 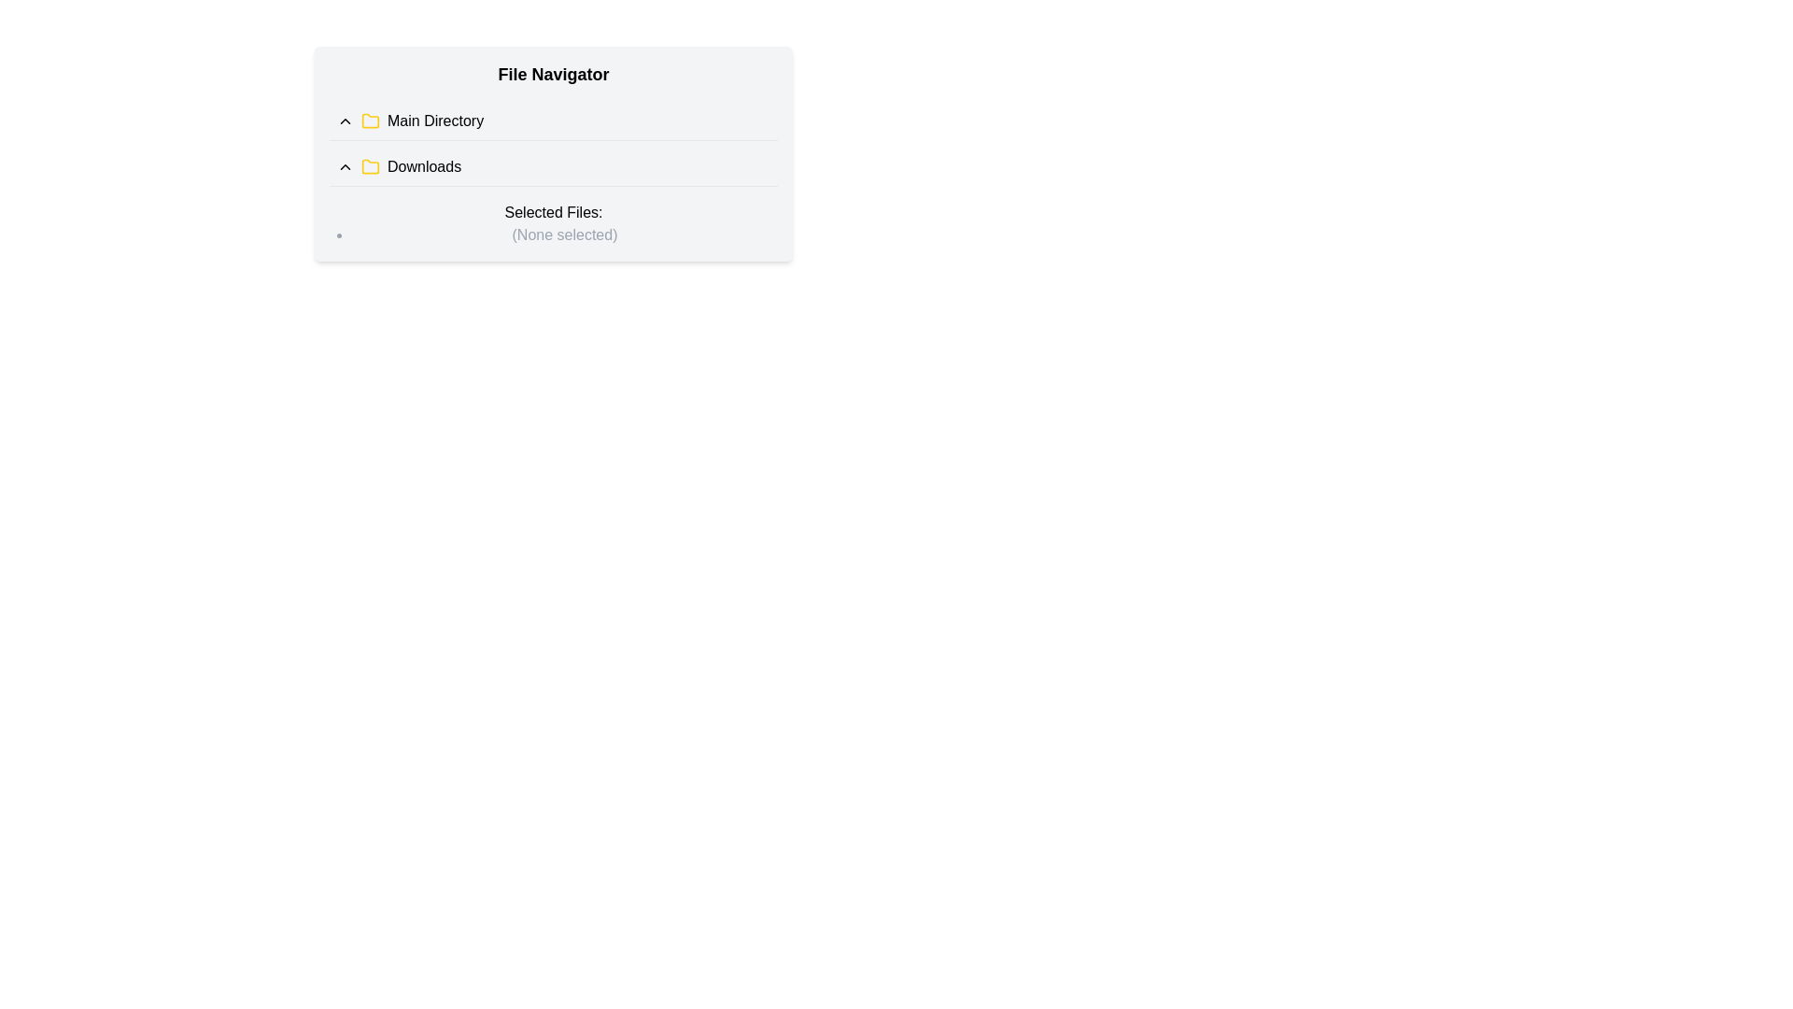 I want to click on the Text display component that shows 'Selected Files:' and '(None selected)' below the 'Downloads' section in the 'File Navigator', so click(x=553, y=222).